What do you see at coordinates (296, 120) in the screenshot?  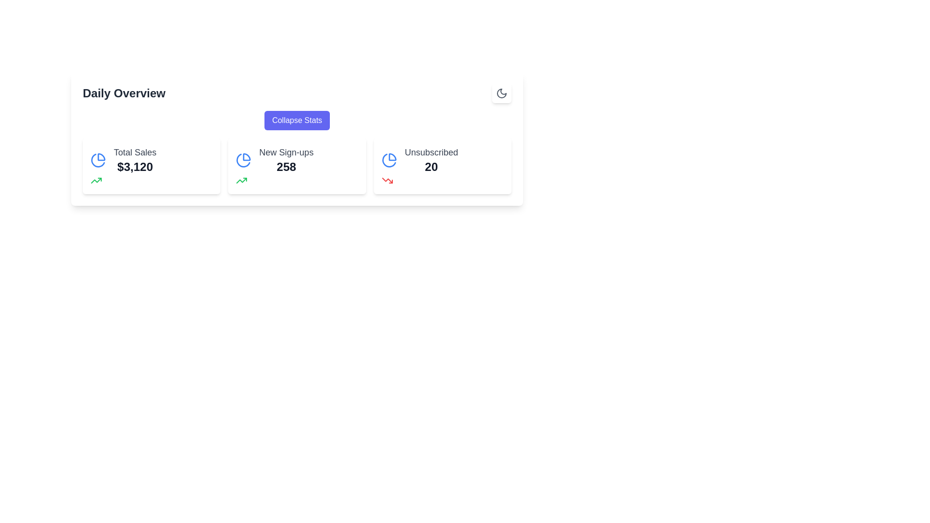 I see `the 'Collapse Stats' button, which is a rectangular button with rounded corners, styled with a blue-purple background and white text, located in the top section of a card-like layout` at bounding box center [296, 120].